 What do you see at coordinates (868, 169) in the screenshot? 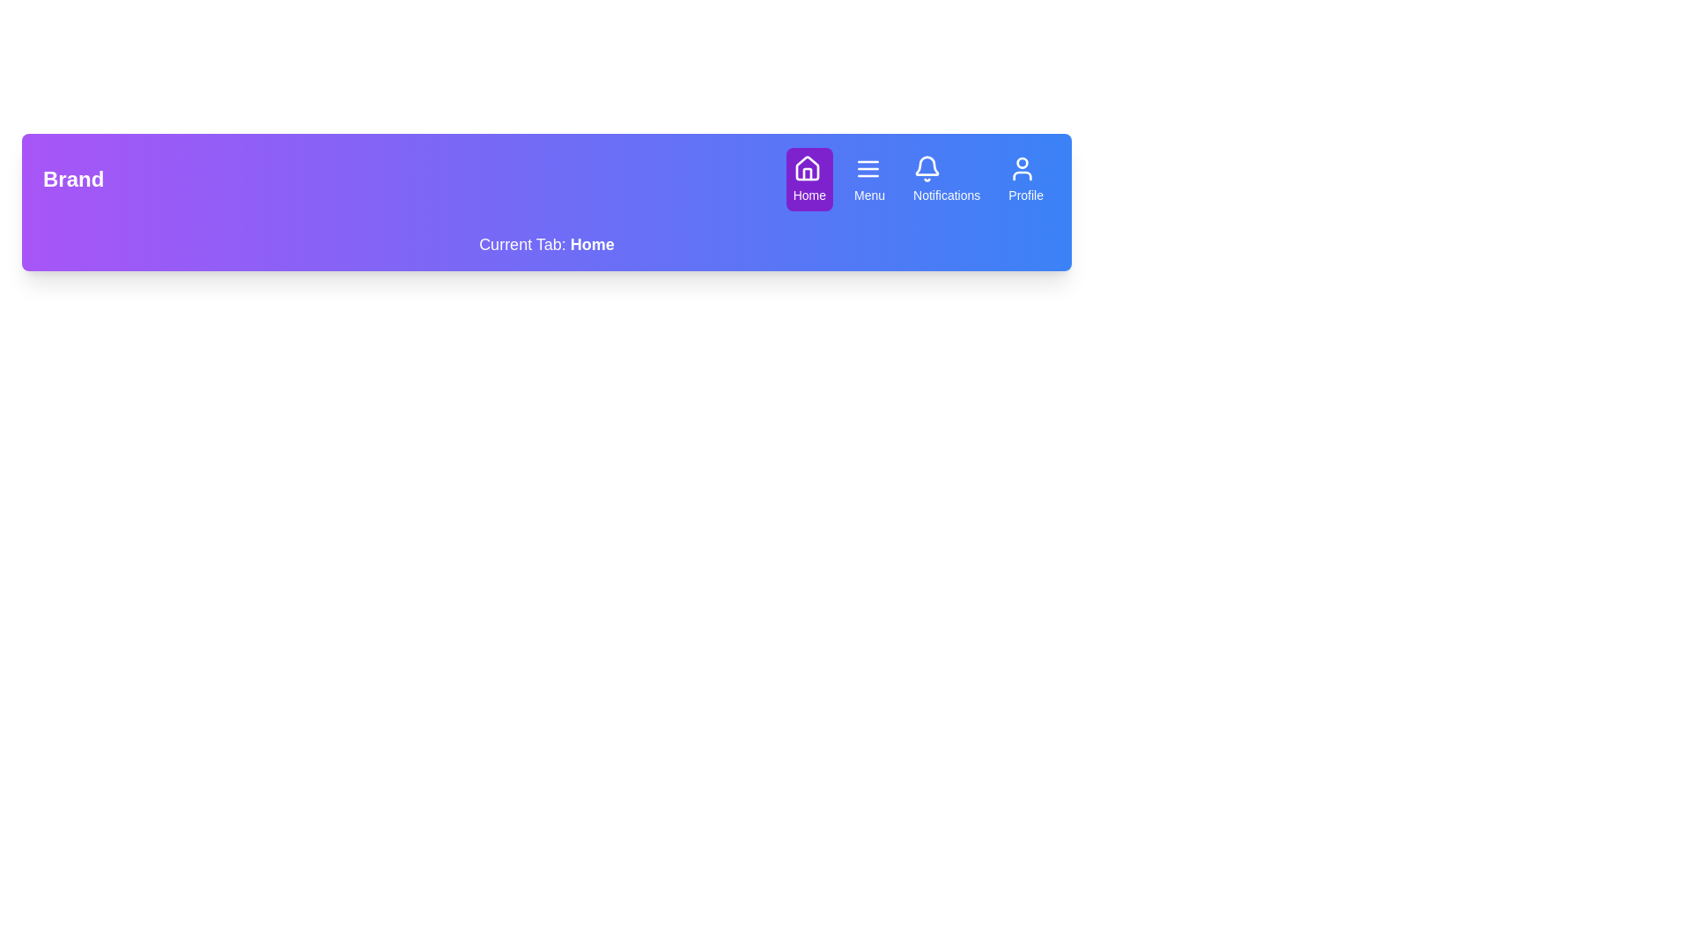
I see `the 'Menu' icon, which is styled as three horizontal lines on a blue background, to trigger the tooltip or visual effect` at bounding box center [868, 169].